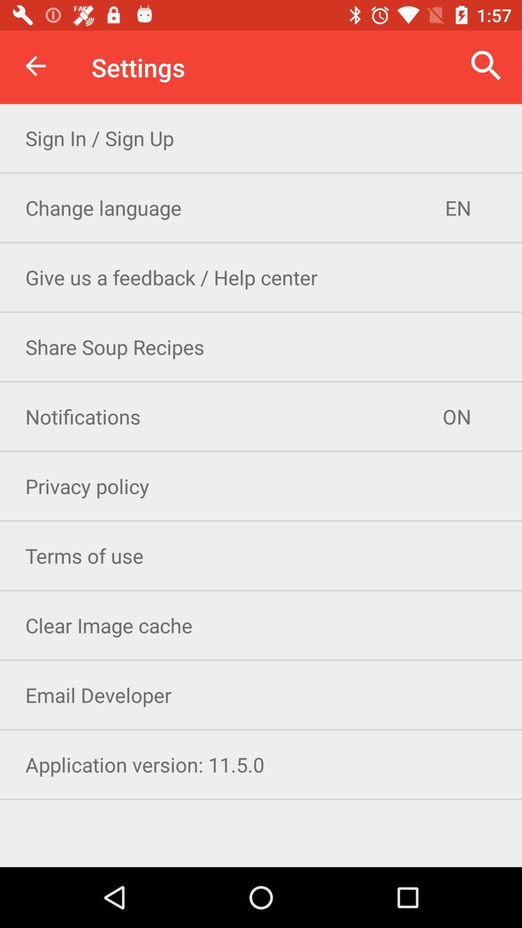  I want to click on privacy policy, so click(261, 486).